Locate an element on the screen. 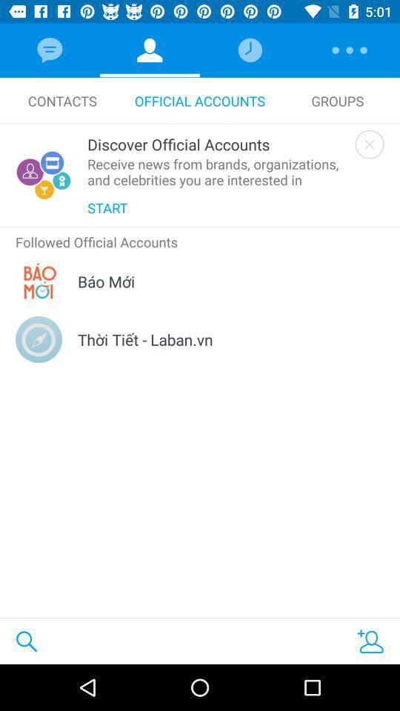 Image resolution: width=400 pixels, height=711 pixels. the icon above the followed official accounts item is located at coordinates (200, 227).